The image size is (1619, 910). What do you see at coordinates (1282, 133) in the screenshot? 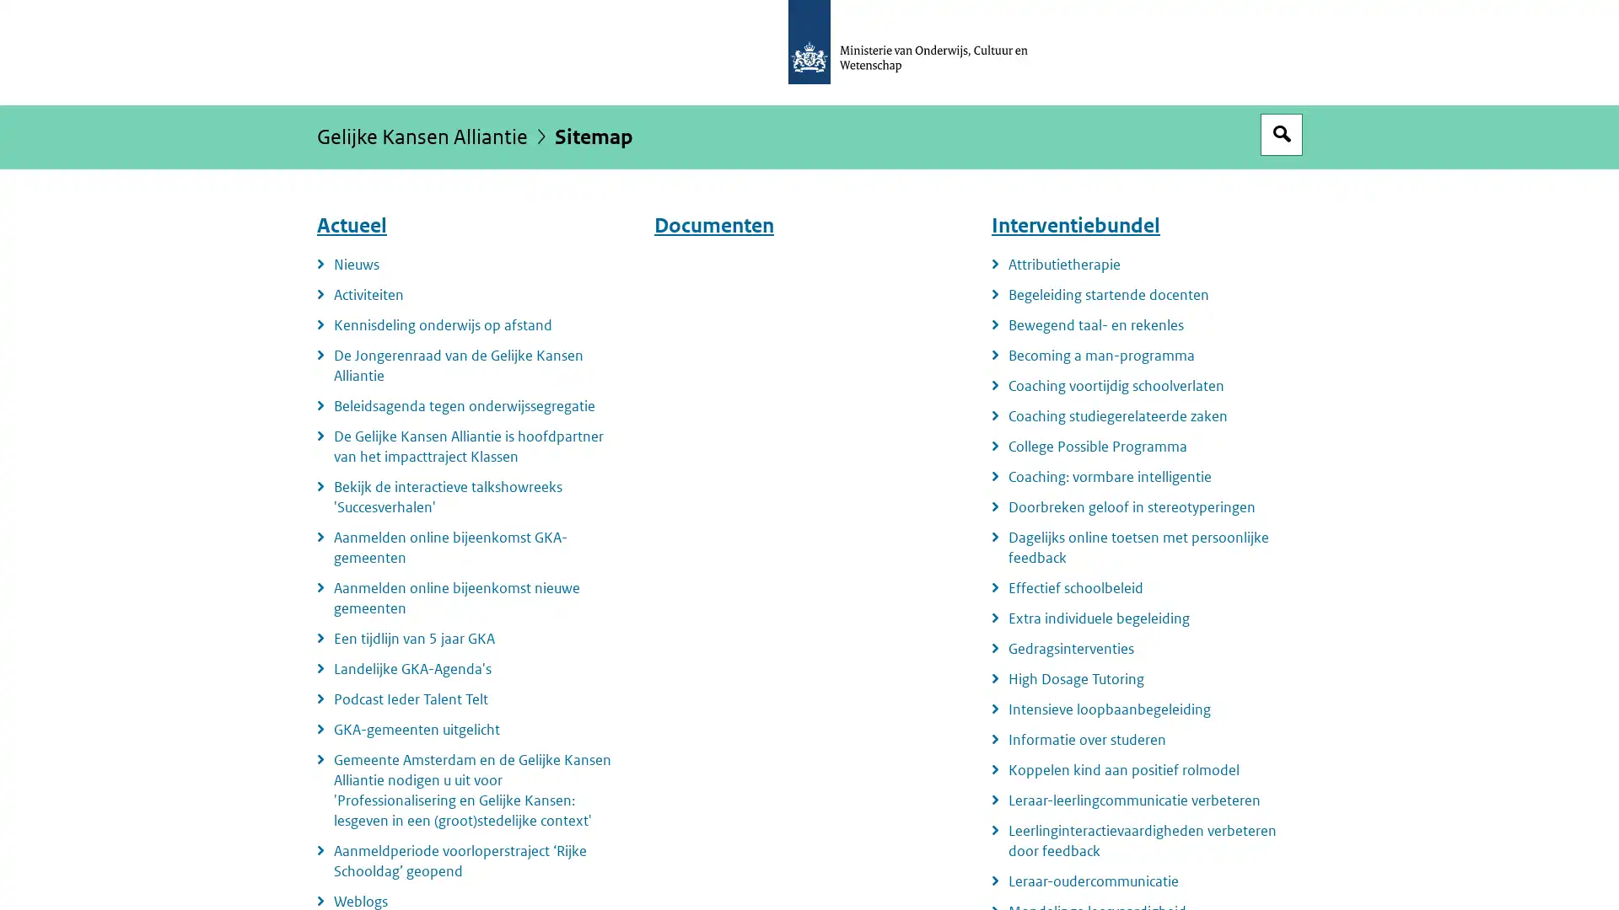
I see `Open zoekveld` at bounding box center [1282, 133].